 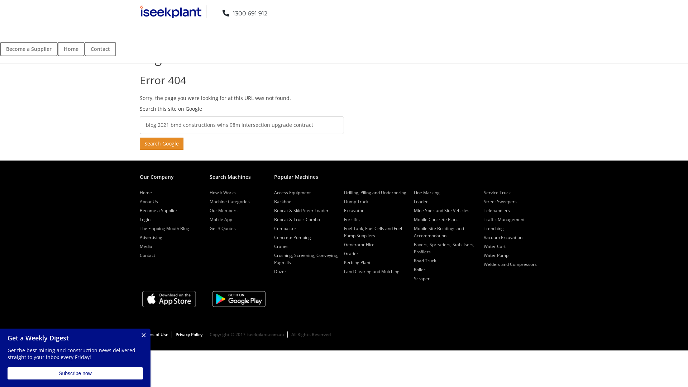 What do you see at coordinates (139, 228) in the screenshot?
I see `'The Flapping Mouth Blog'` at bounding box center [139, 228].